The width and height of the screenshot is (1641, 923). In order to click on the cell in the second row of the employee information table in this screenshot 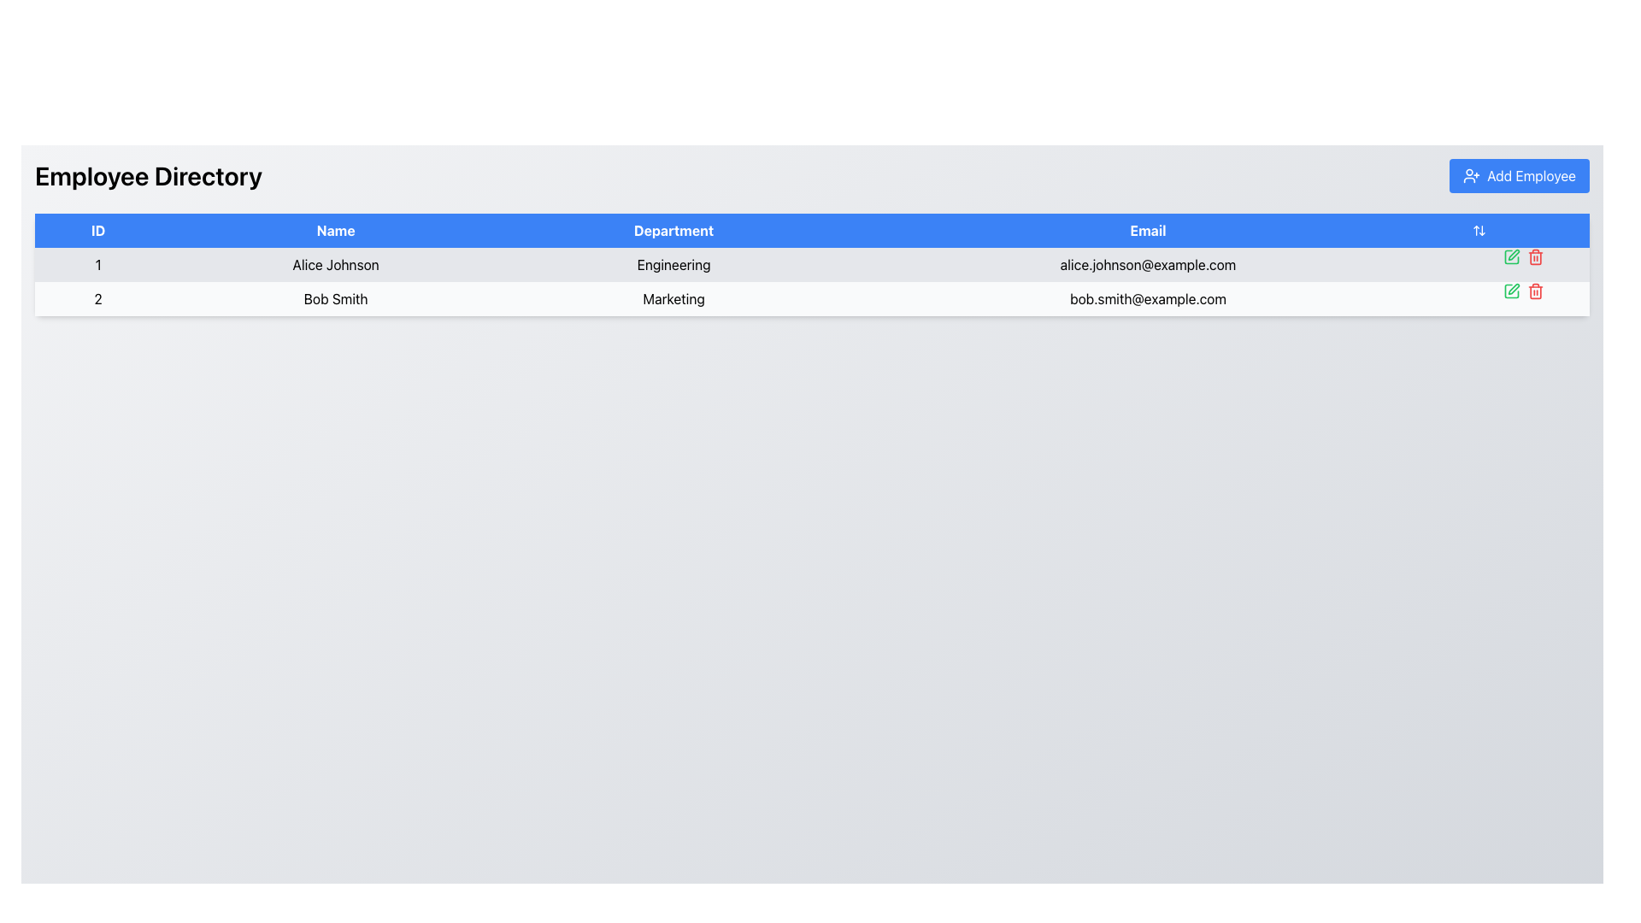, I will do `click(811, 298)`.